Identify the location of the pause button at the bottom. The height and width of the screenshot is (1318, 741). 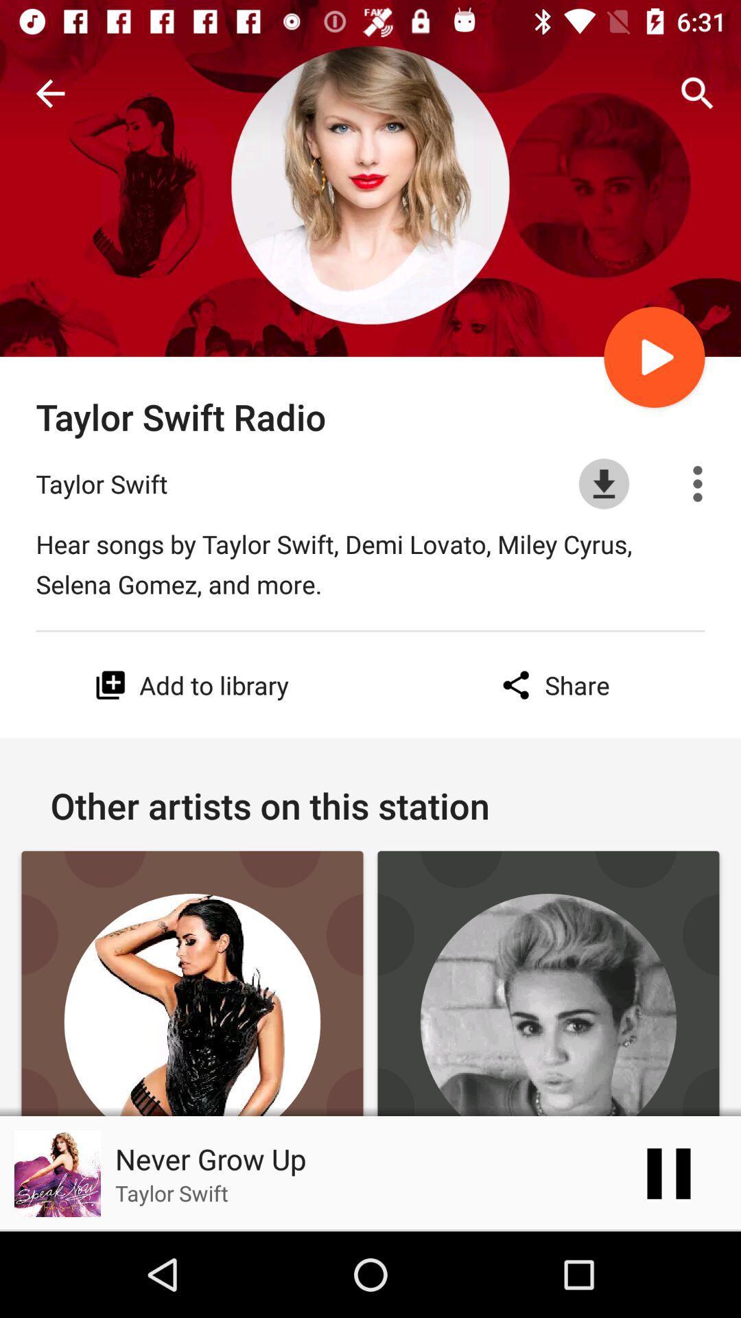
(668, 1172).